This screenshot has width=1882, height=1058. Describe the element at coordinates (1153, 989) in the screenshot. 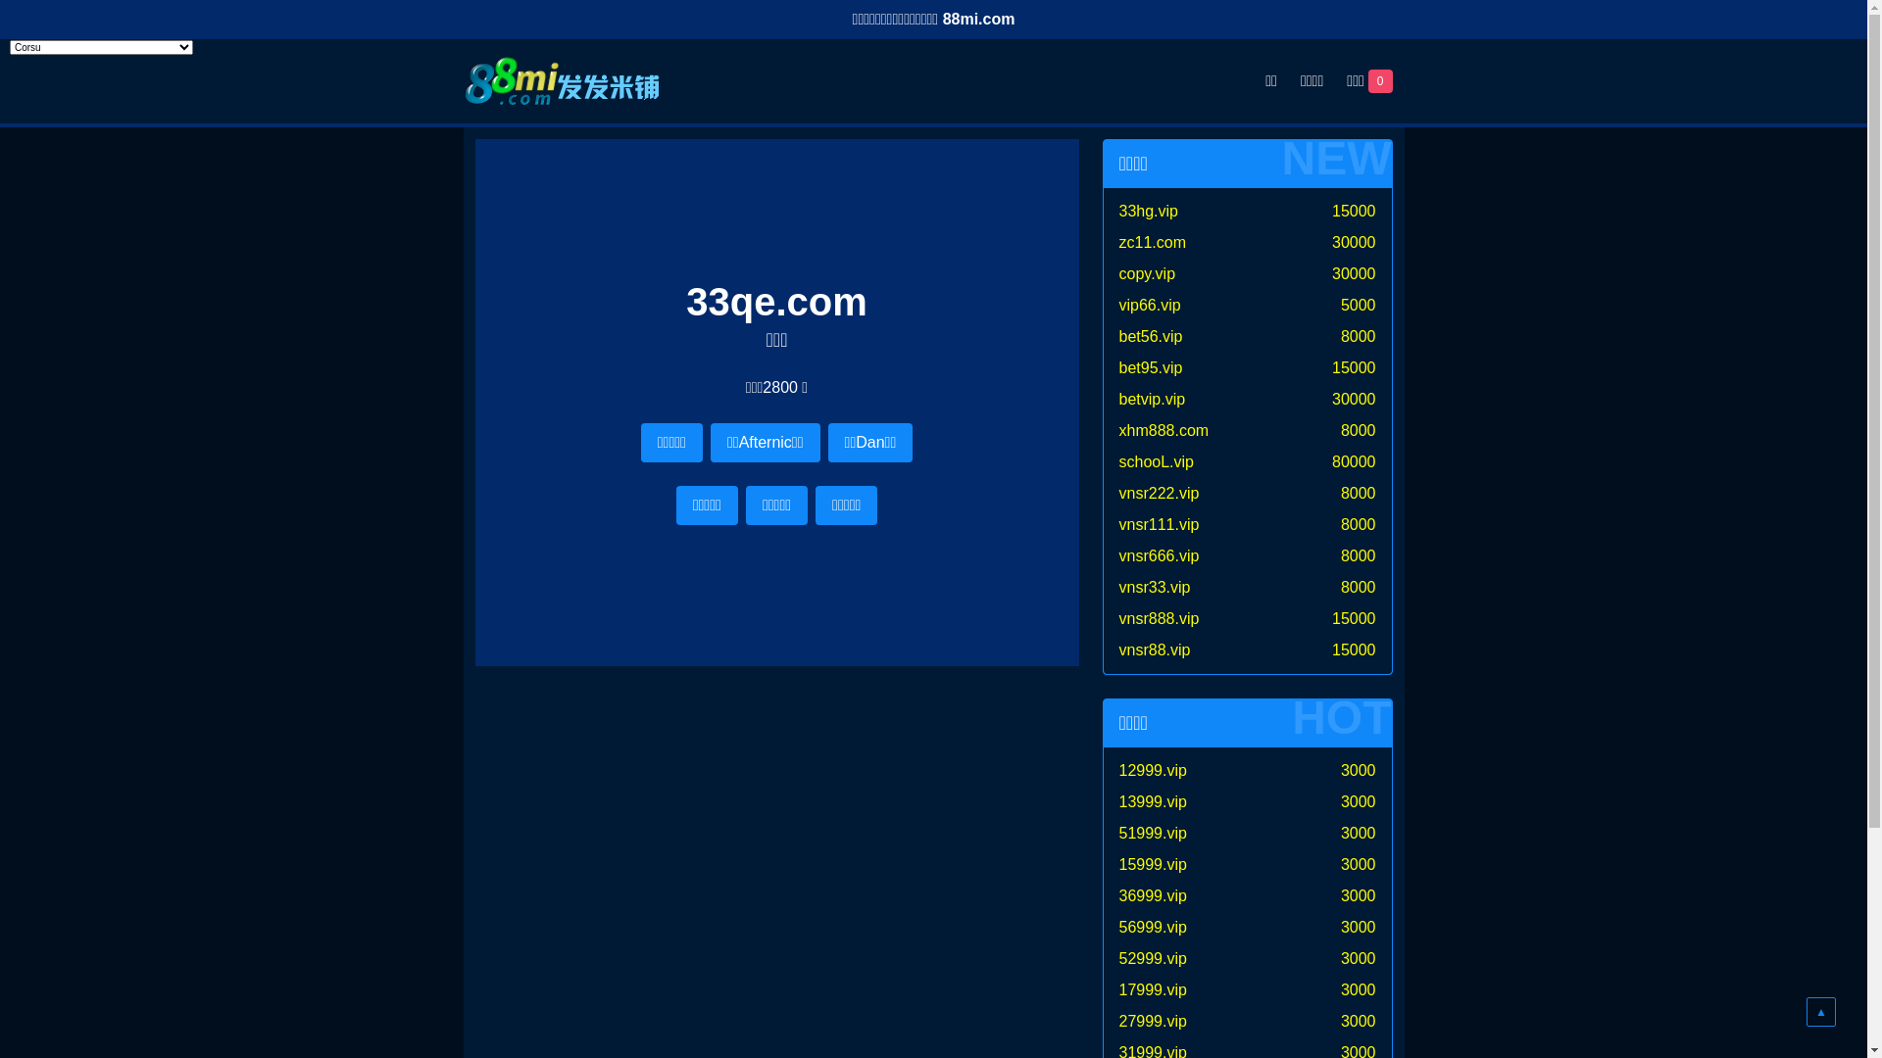

I see `'17999.vip'` at that location.